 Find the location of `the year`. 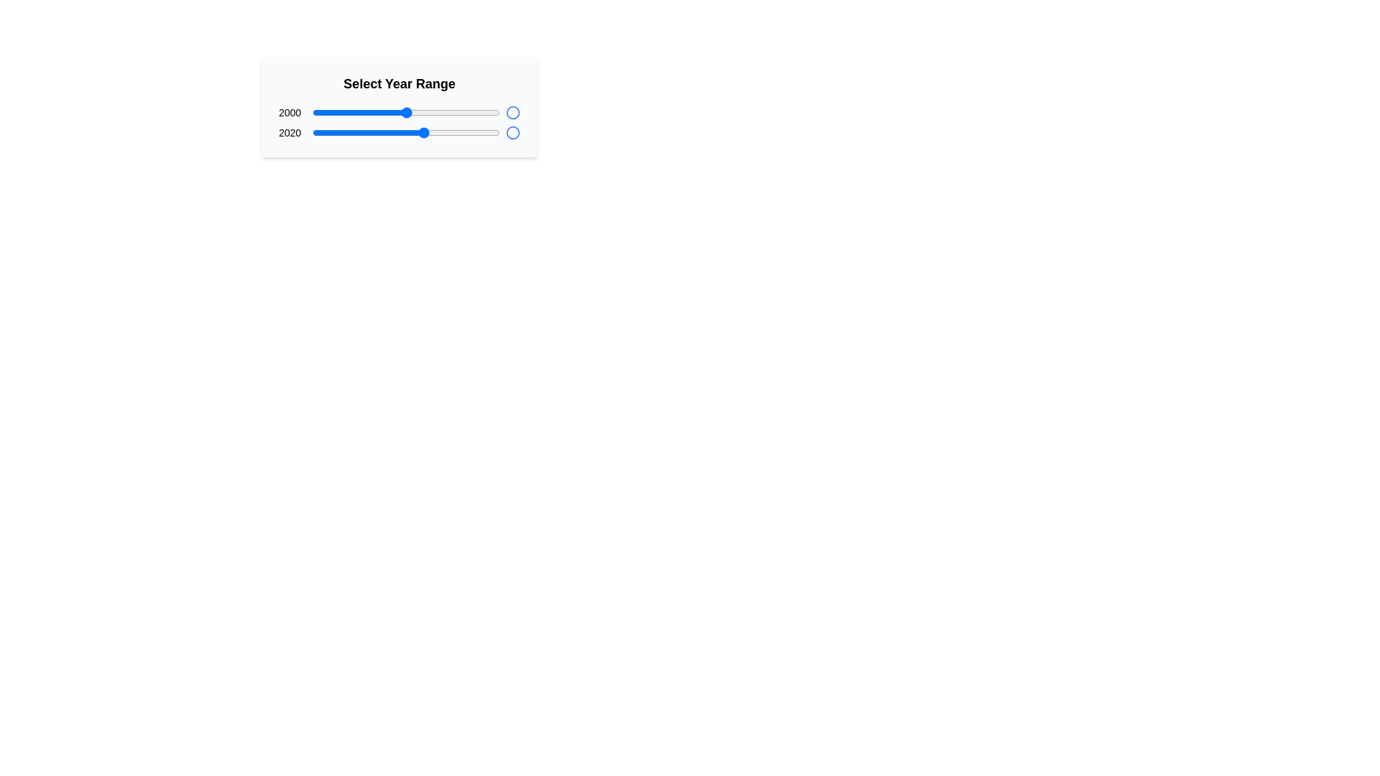

the year is located at coordinates (371, 112).